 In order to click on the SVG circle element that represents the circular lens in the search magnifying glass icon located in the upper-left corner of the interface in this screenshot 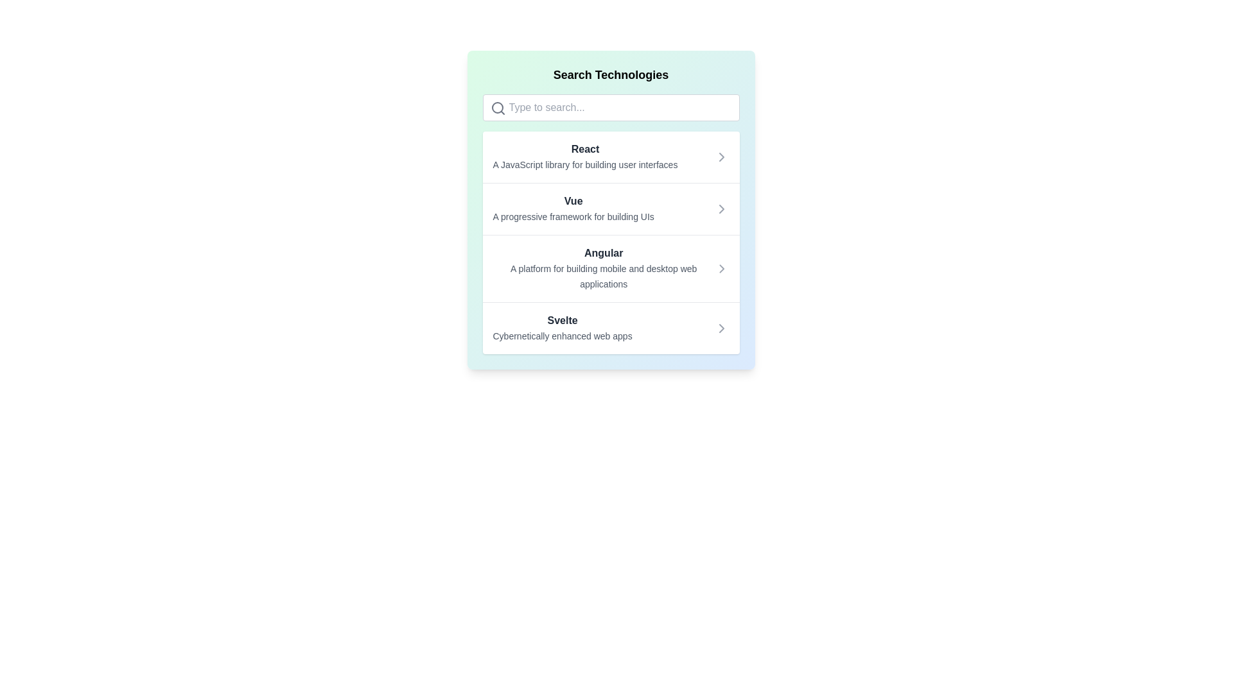, I will do `click(496, 107)`.